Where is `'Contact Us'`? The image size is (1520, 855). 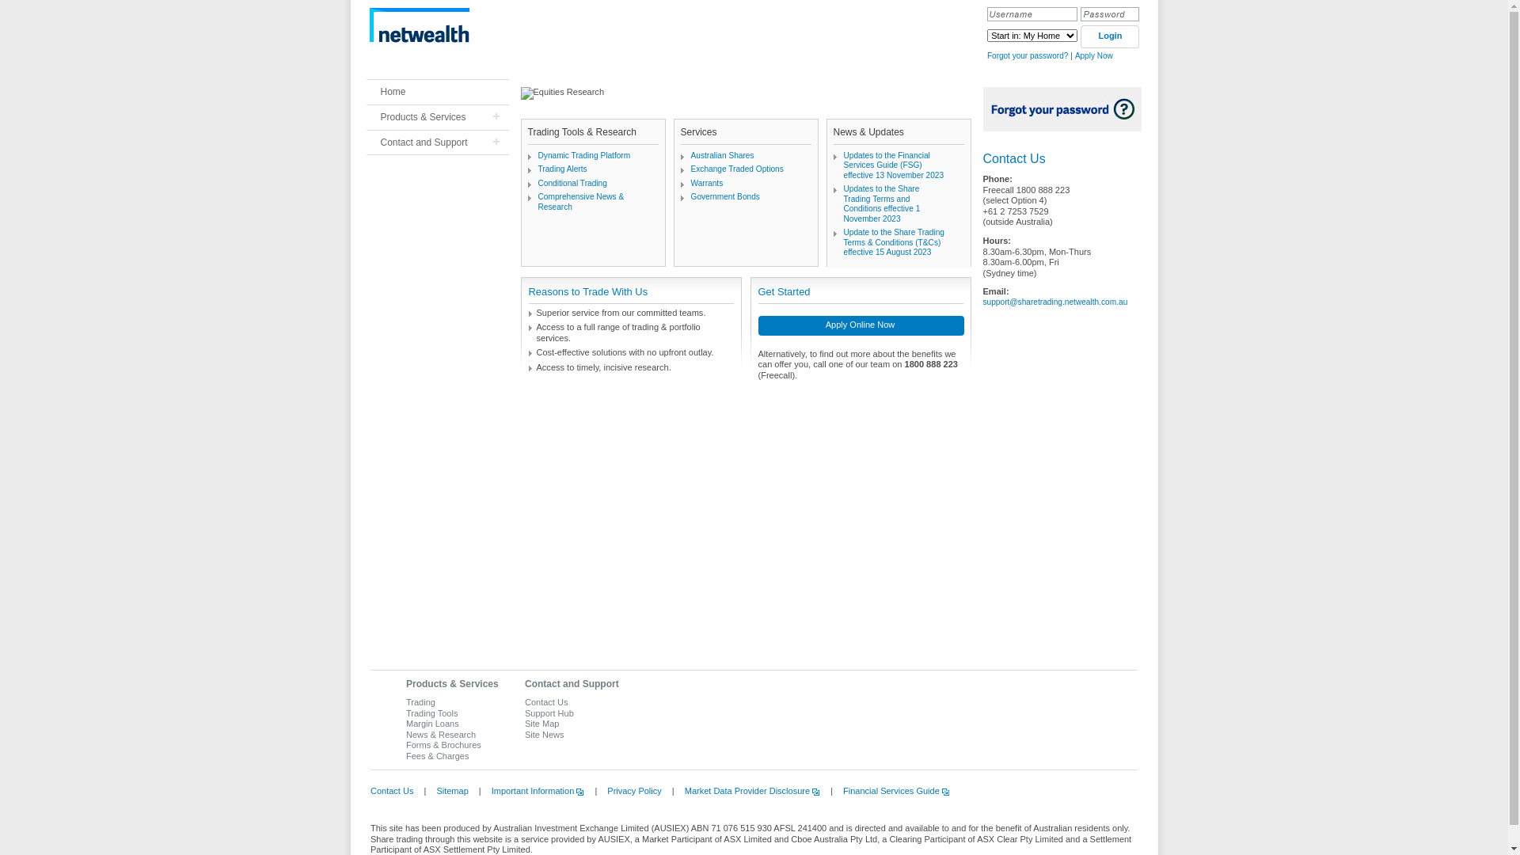 'Contact Us' is located at coordinates (546, 701).